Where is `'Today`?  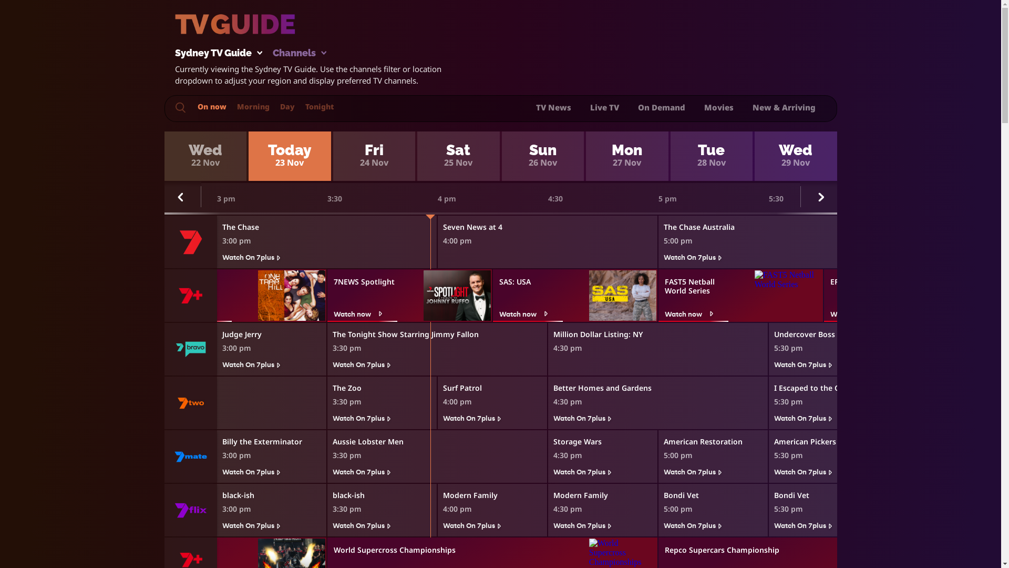
'Today is located at coordinates (290, 156).